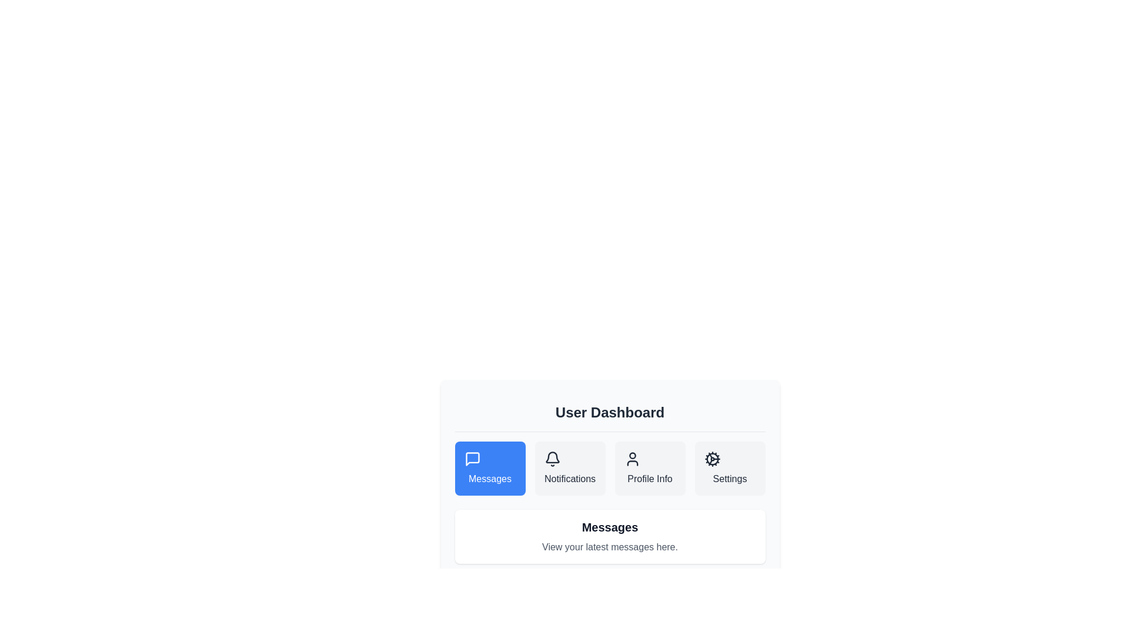  I want to click on the Notifications section by clicking on the corresponding tab button, so click(570, 468).